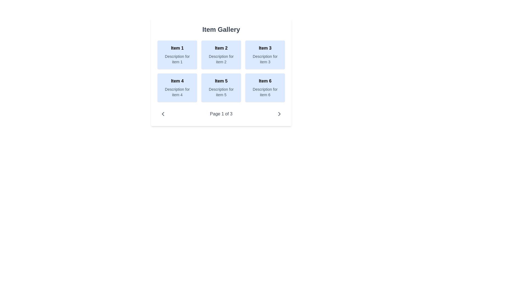  Describe the element at coordinates (221, 92) in the screenshot. I see `the text block displaying 'Description for item 5', which is centered at the bottom of the 'Item 5' card` at that location.